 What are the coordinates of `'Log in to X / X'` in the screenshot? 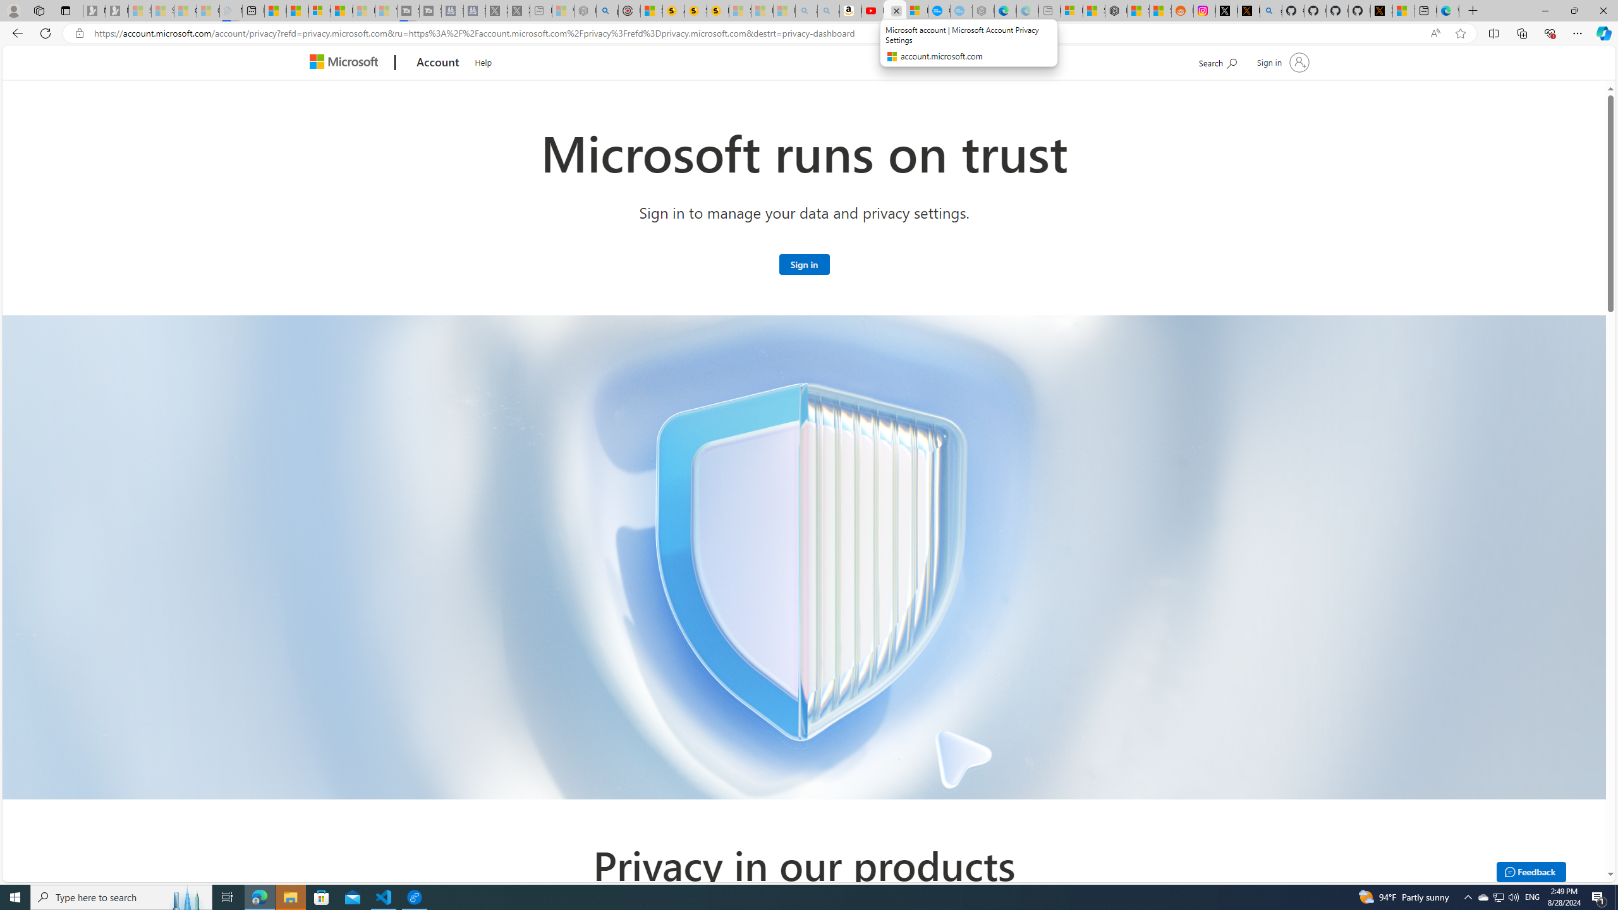 It's located at (1226, 10).